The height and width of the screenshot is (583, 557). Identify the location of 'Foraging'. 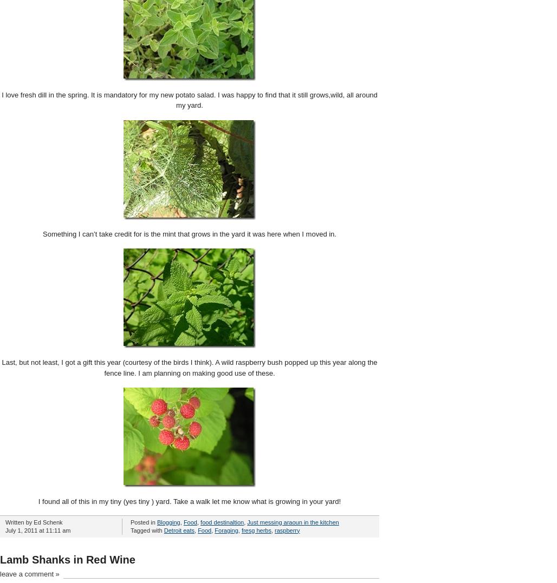
(226, 529).